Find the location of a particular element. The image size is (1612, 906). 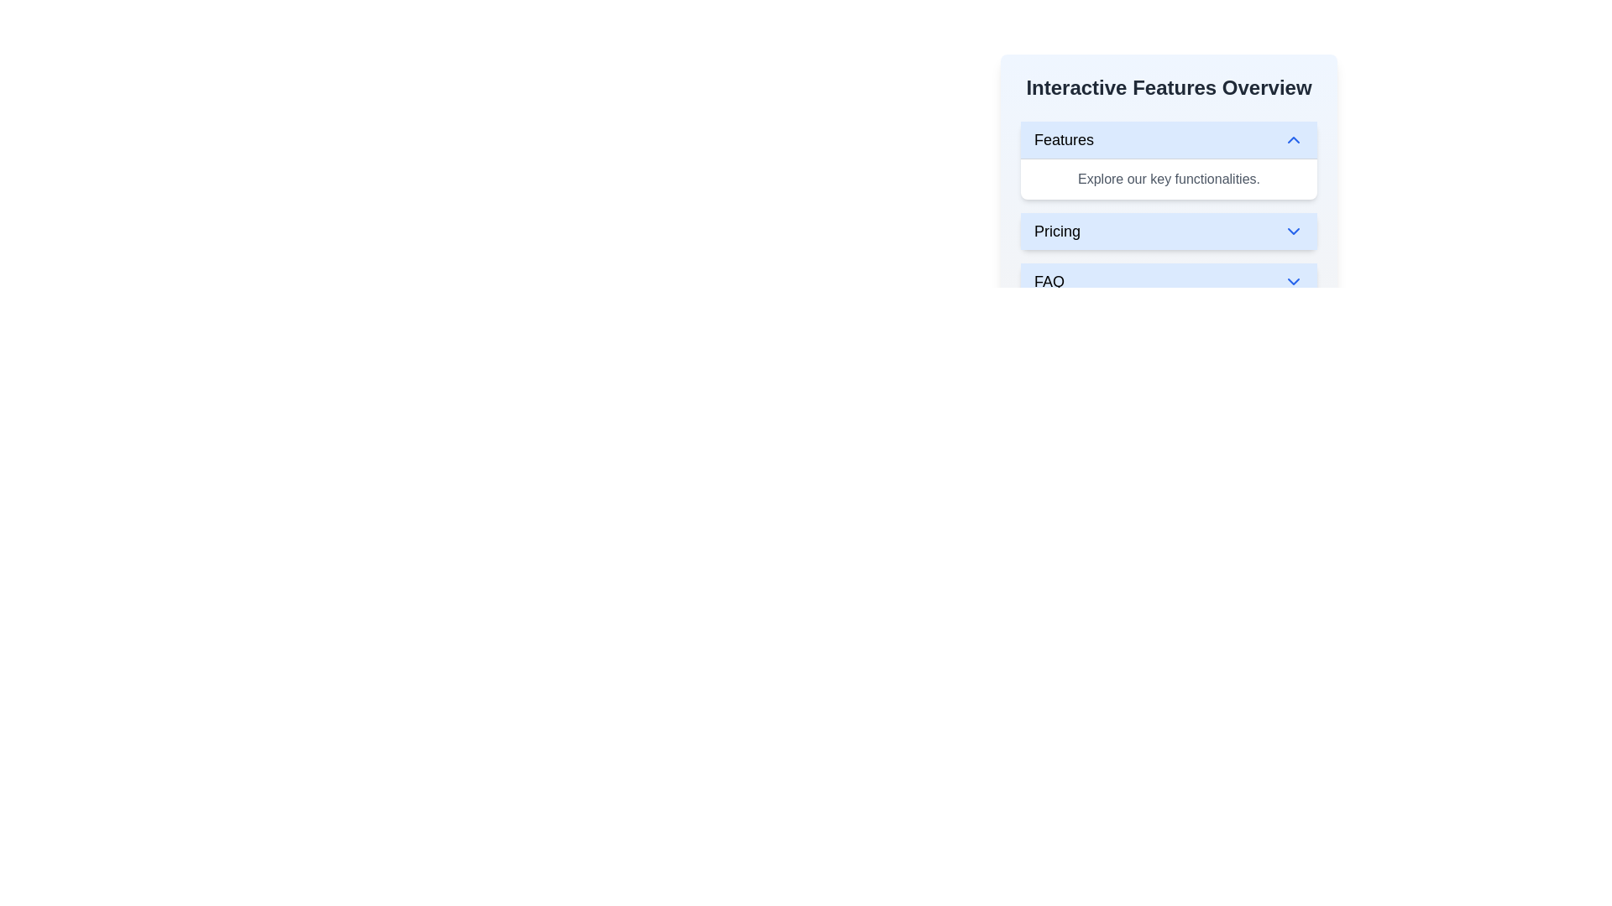

the FAQ toggle button located below the 'Pricing' section is located at coordinates (1168, 280).